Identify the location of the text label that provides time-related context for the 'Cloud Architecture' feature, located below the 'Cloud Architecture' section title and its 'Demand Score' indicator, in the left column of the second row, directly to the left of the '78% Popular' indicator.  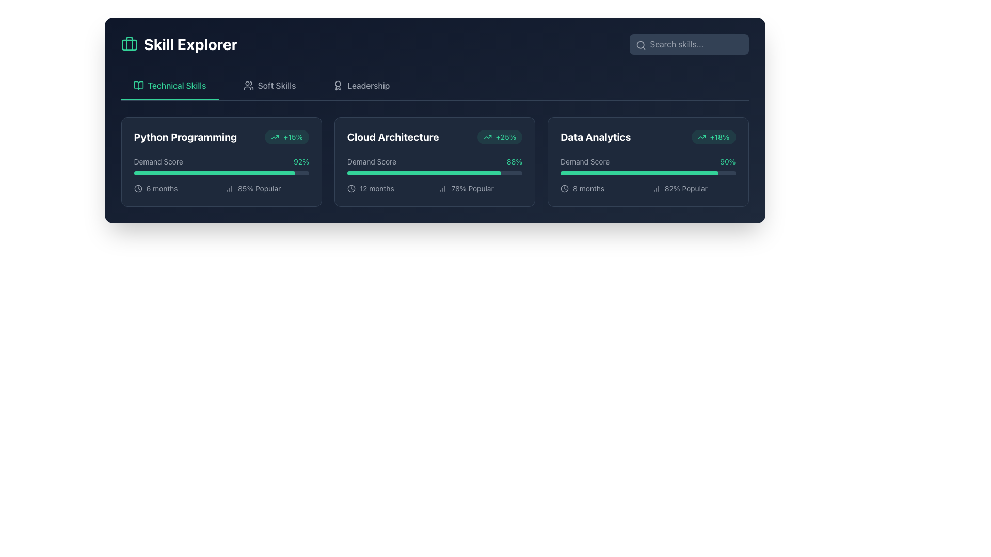
(388, 189).